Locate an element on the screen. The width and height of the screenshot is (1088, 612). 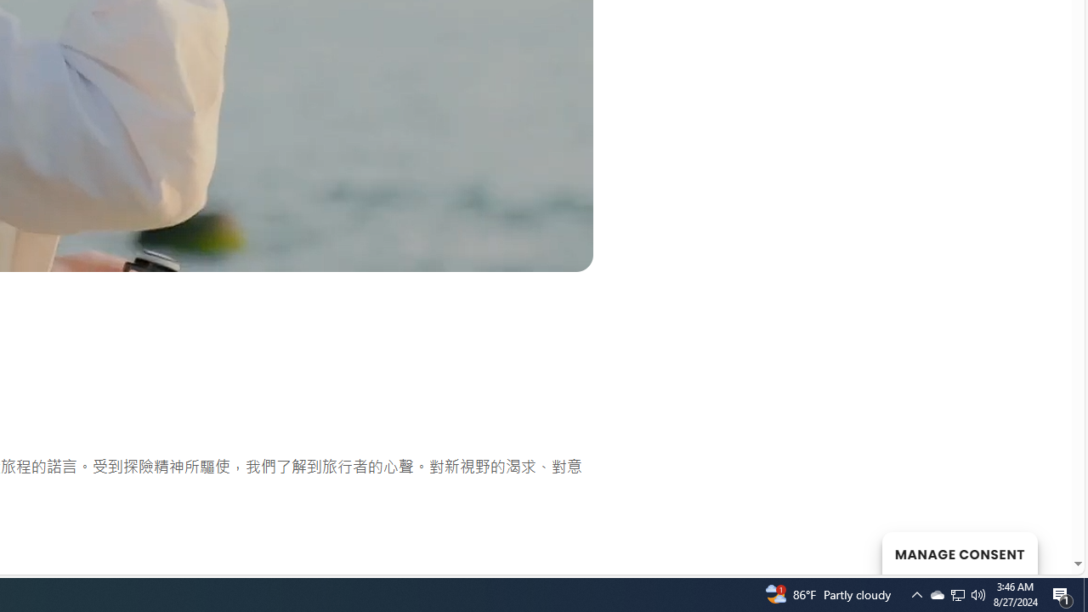
'MANAGE CONSENT' is located at coordinates (959, 552).